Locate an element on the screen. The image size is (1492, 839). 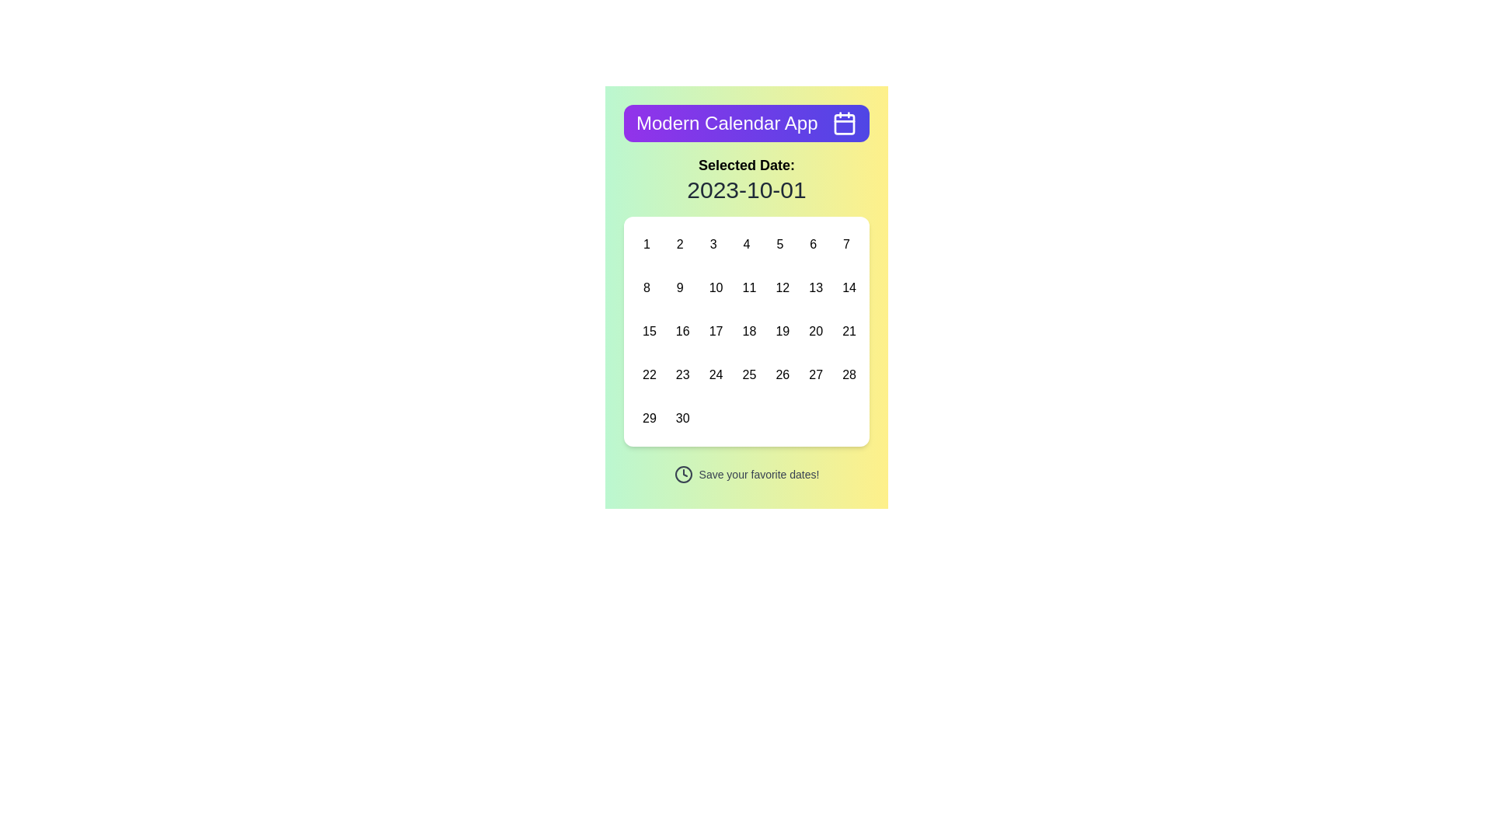
the button representing the 25th day in the calendar month, located in the fourth row and fourth column of the calendar grid is located at coordinates (746, 374).